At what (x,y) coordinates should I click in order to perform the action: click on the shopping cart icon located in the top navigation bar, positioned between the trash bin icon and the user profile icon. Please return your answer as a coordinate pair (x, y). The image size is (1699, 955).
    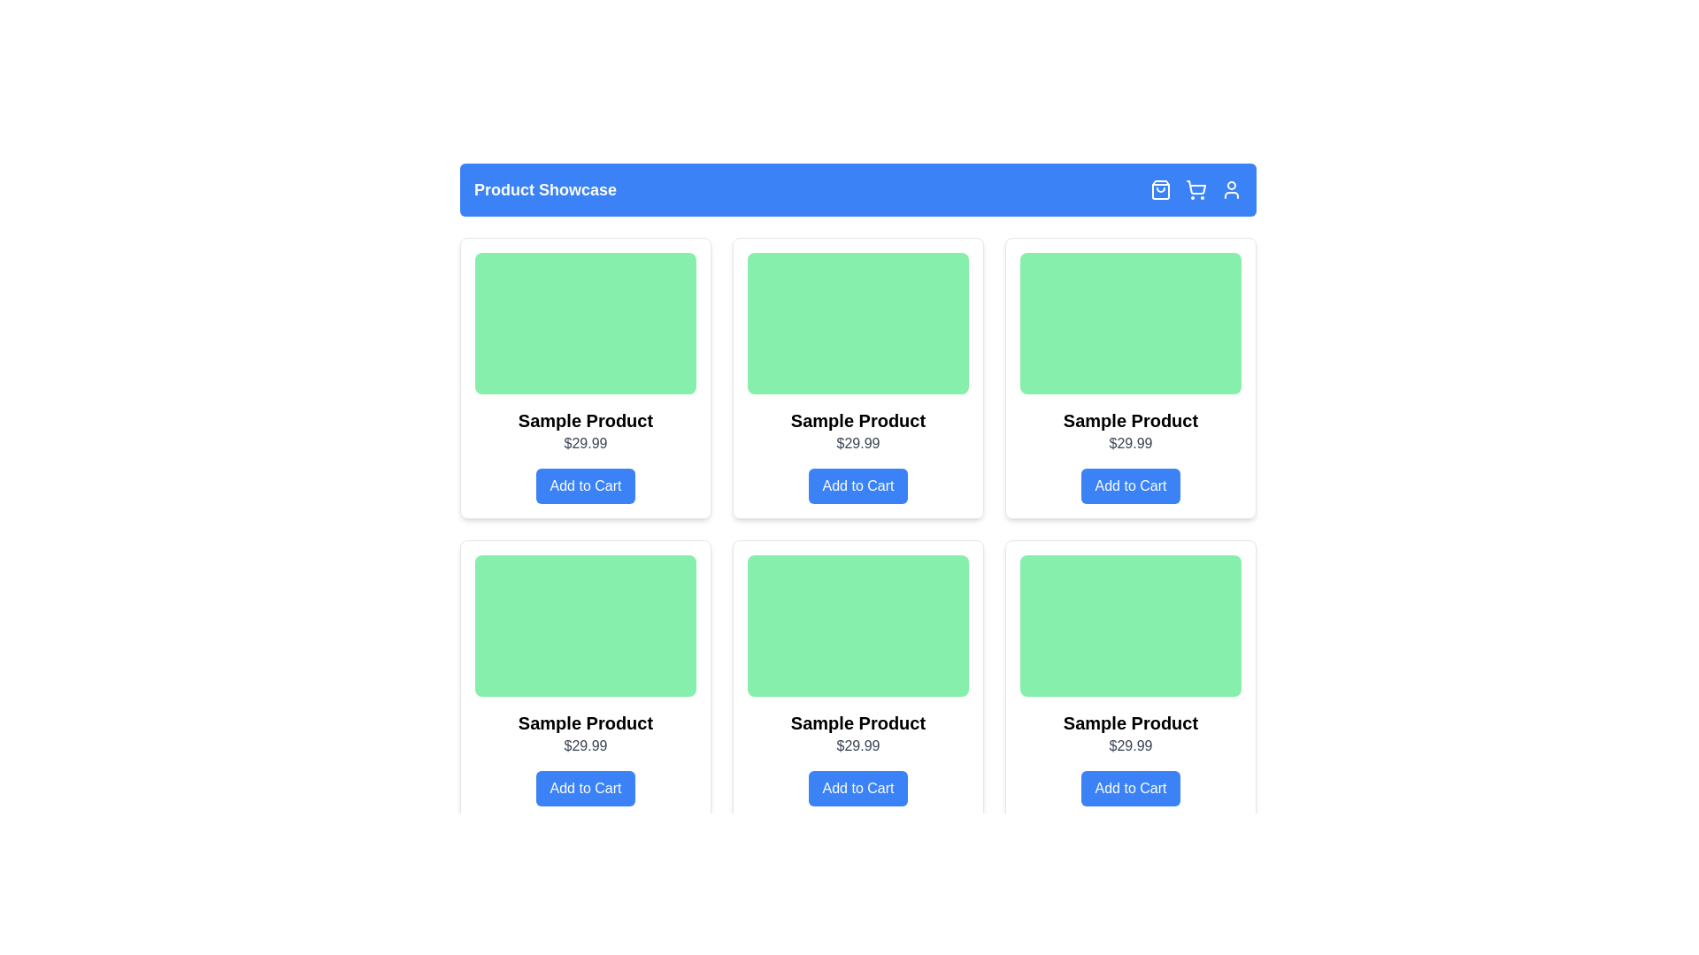
    Looking at the image, I should click on (1196, 187).